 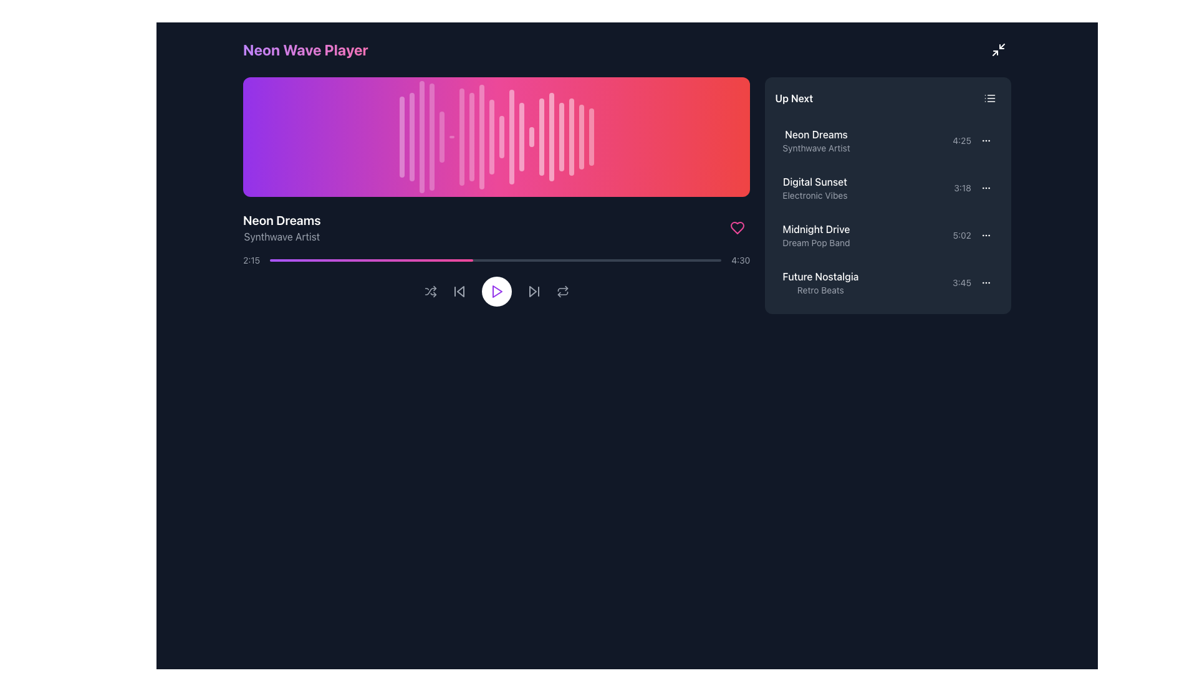 I want to click on the 'Up Next' static text label located at the top-left corner of the right-side panel, which is displayed in bold font style, so click(x=793, y=98).